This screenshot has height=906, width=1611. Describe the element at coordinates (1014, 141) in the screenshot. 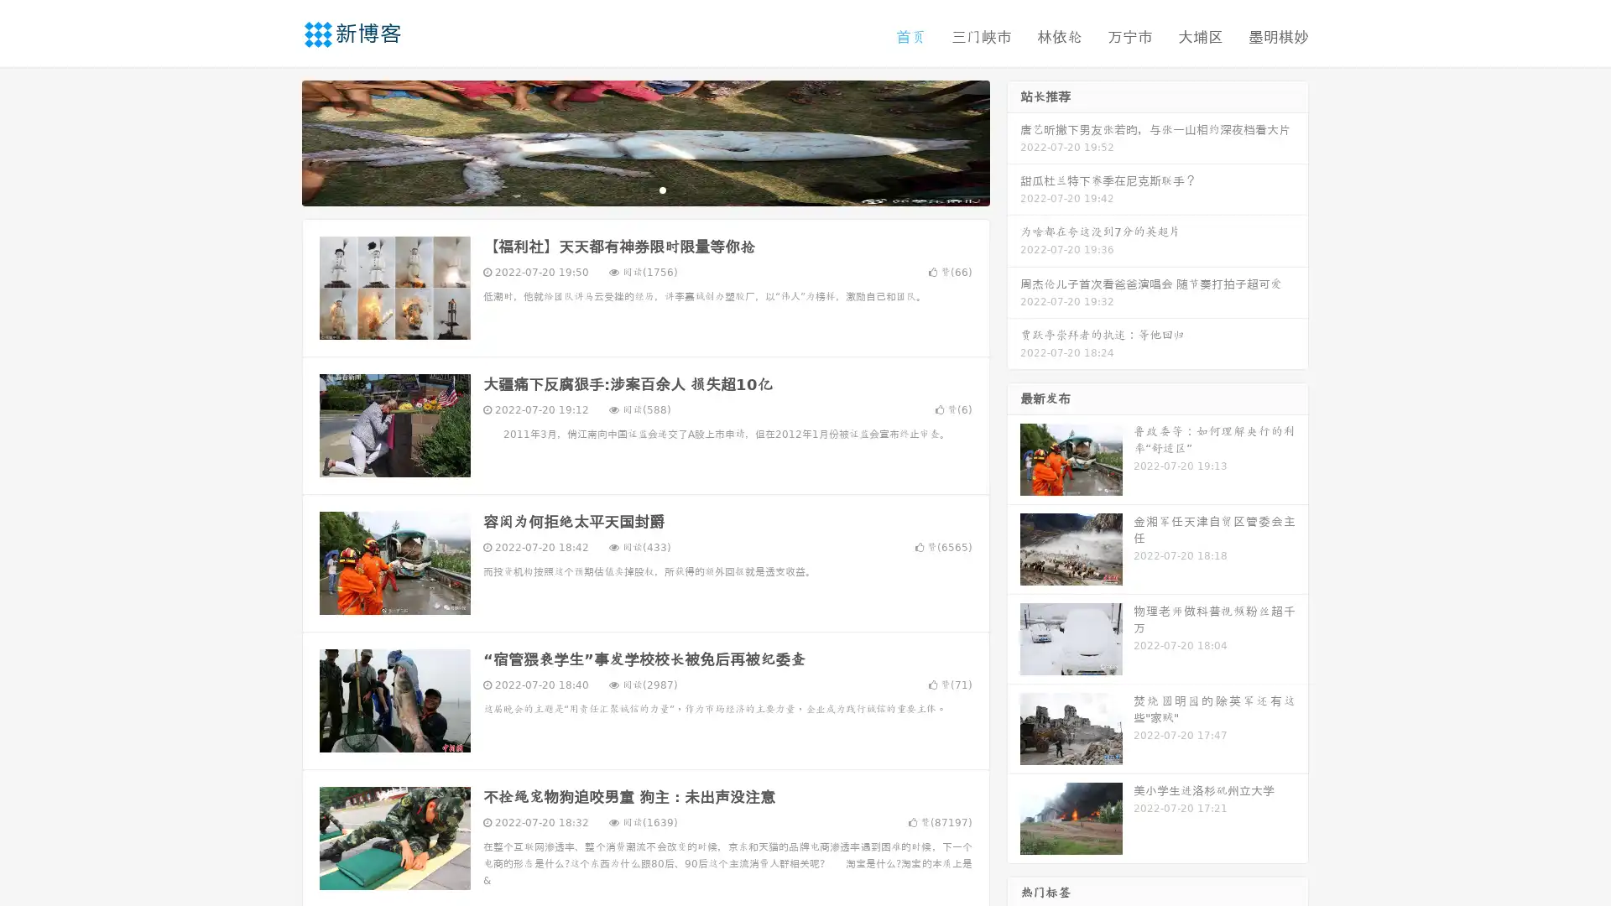

I see `Next slide` at that location.